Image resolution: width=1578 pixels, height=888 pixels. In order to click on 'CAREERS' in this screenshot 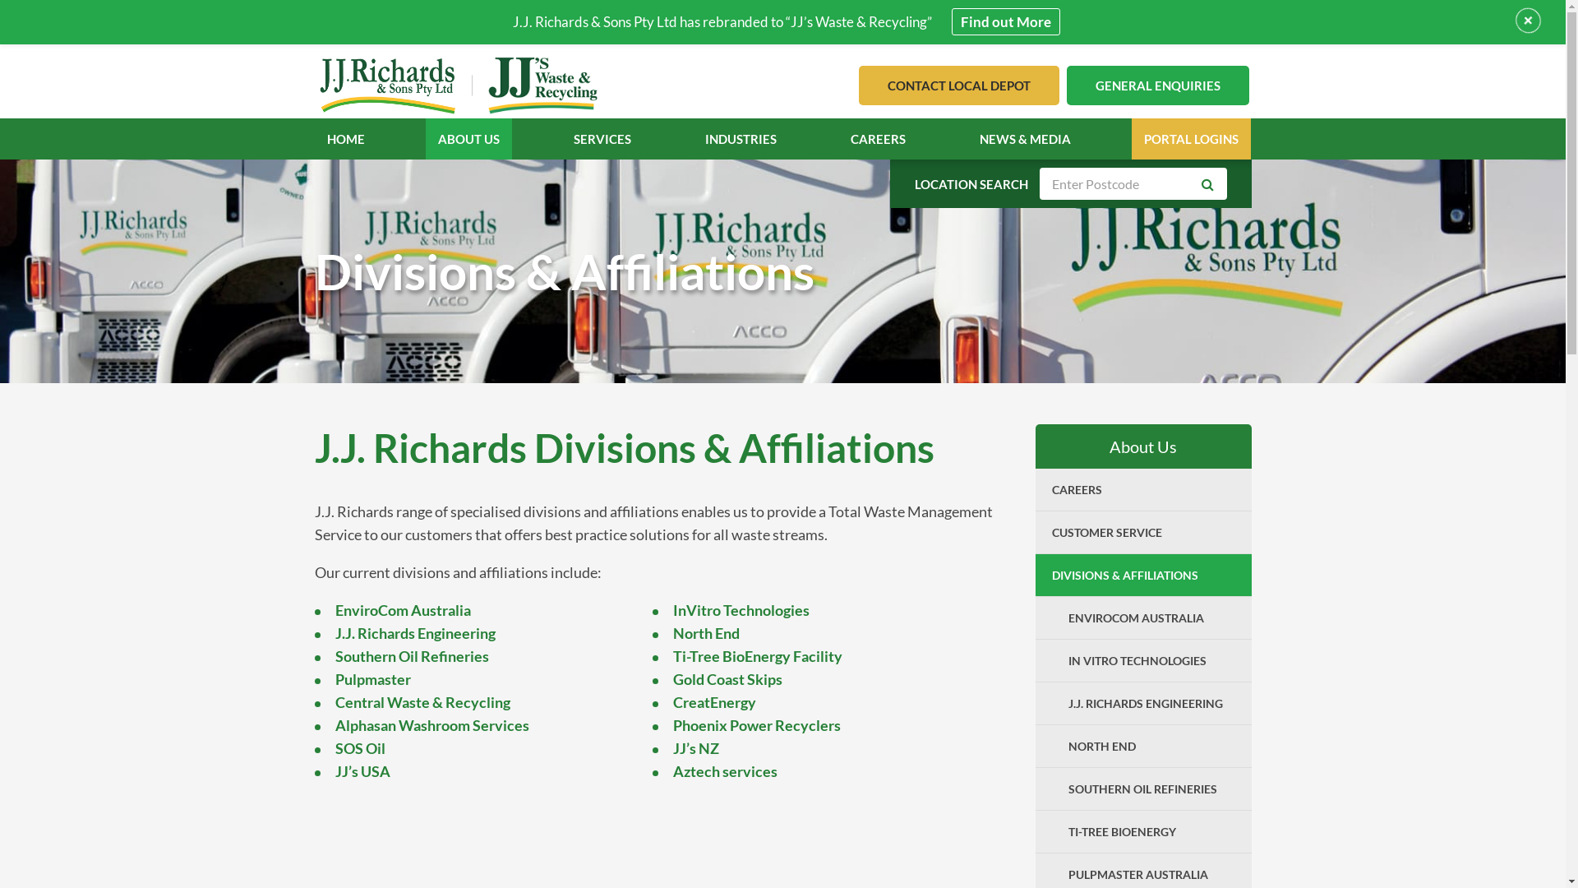, I will do `click(1034, 488)`.